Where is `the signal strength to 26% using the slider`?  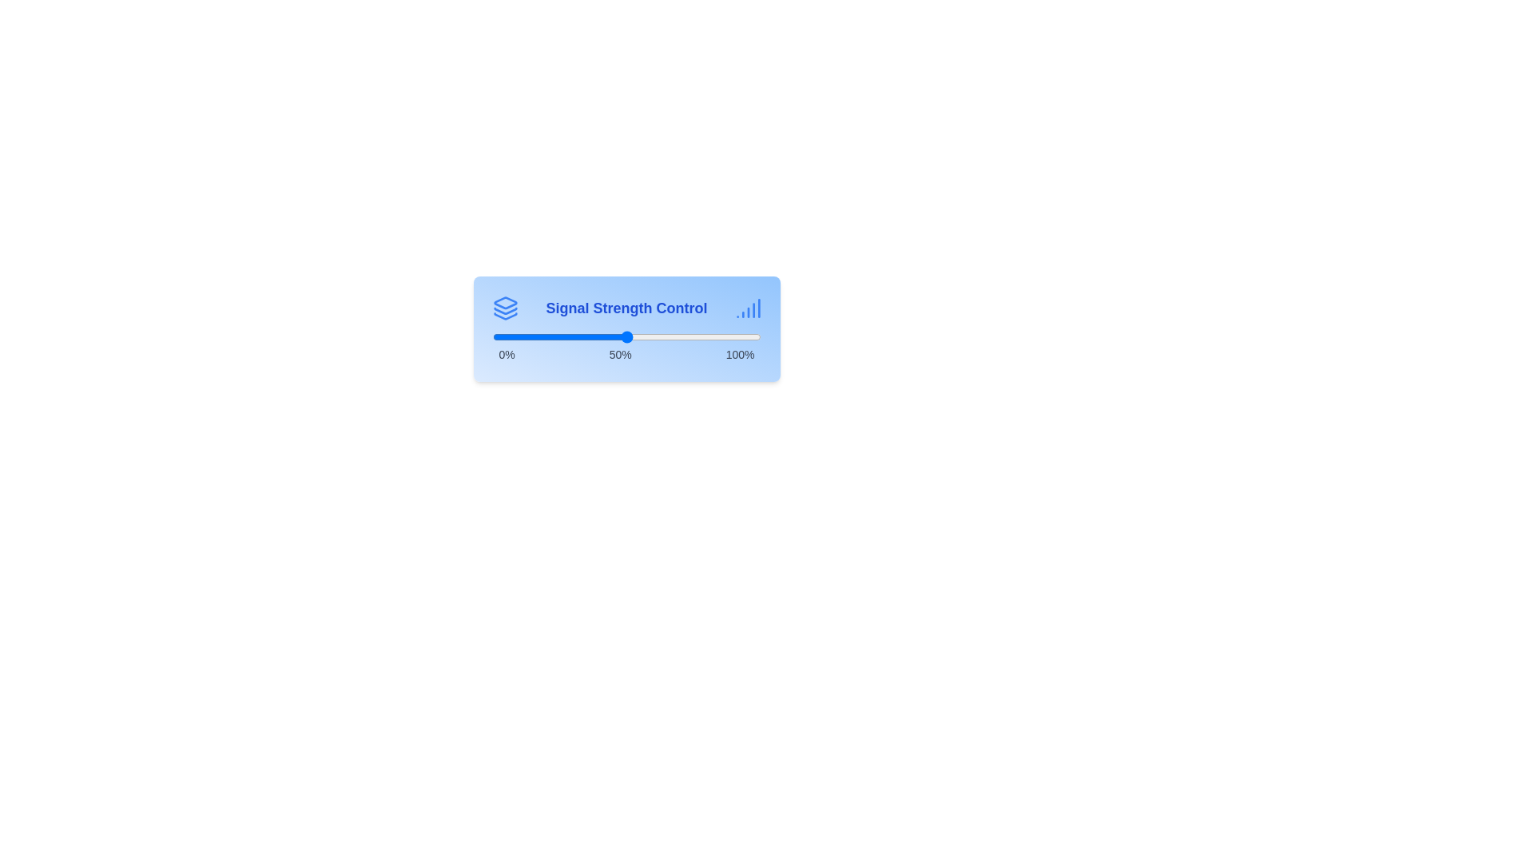 the signal strength to 26% using the slider is located at coordinates (562, 336).